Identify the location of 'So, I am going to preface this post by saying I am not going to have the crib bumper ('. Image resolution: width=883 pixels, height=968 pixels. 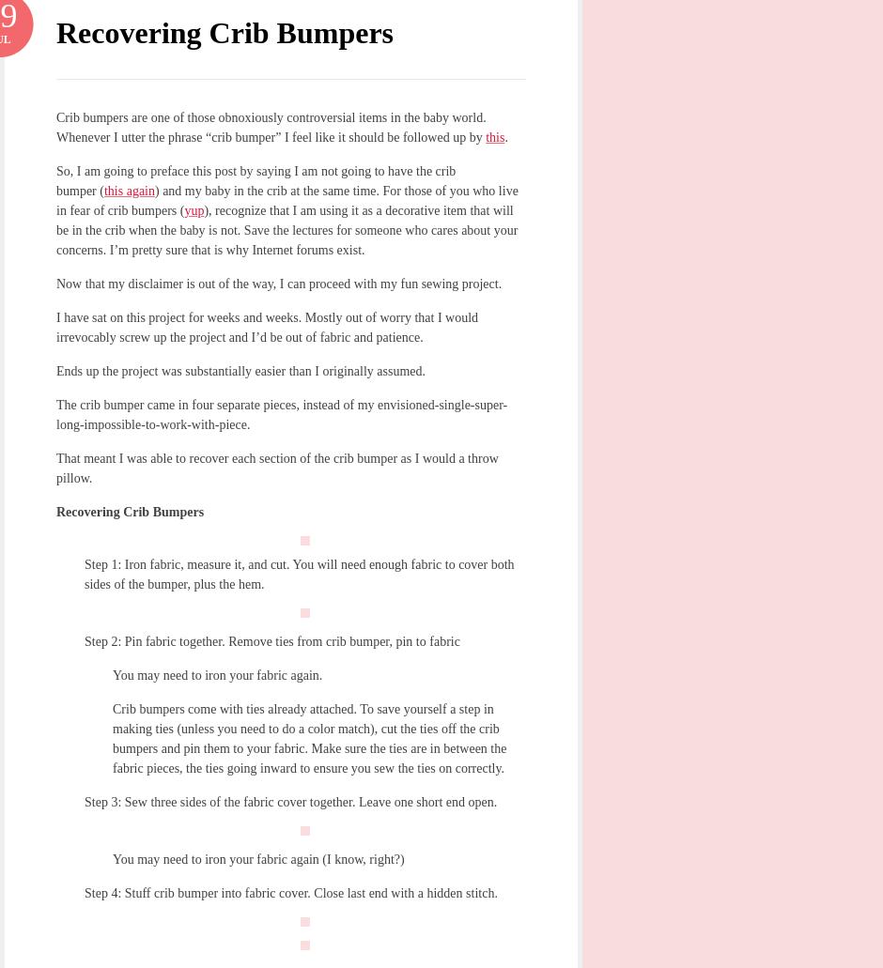
(54, 180).